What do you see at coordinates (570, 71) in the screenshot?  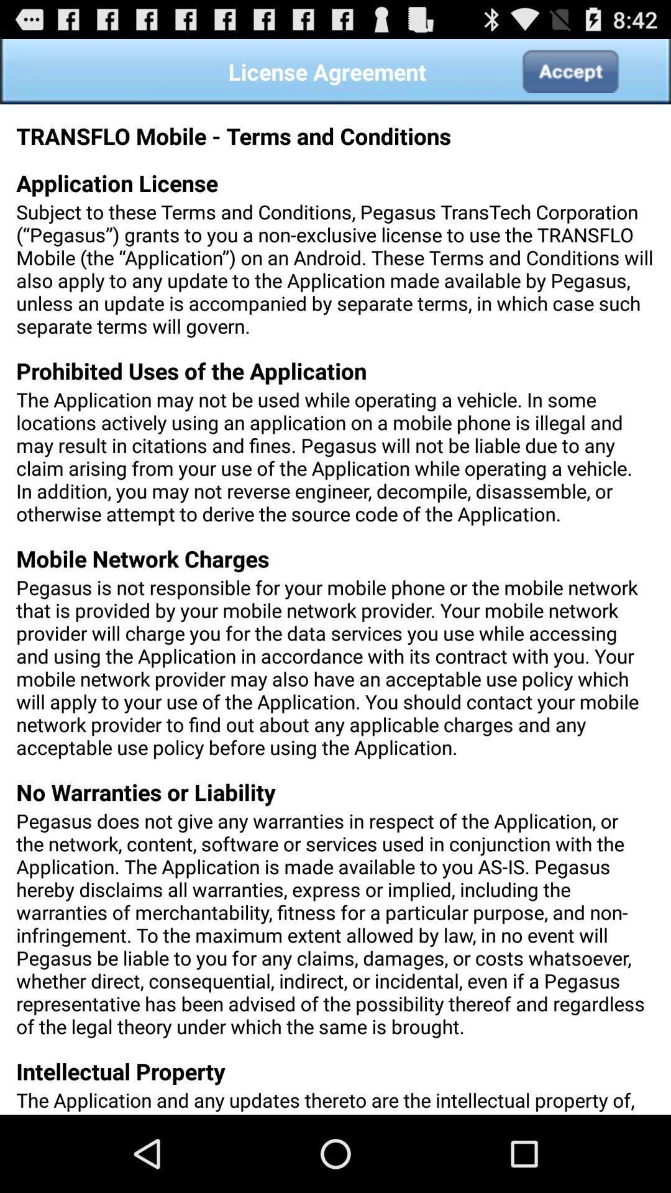 I see `icon at the top right corner` at bounding box center [570, 71].